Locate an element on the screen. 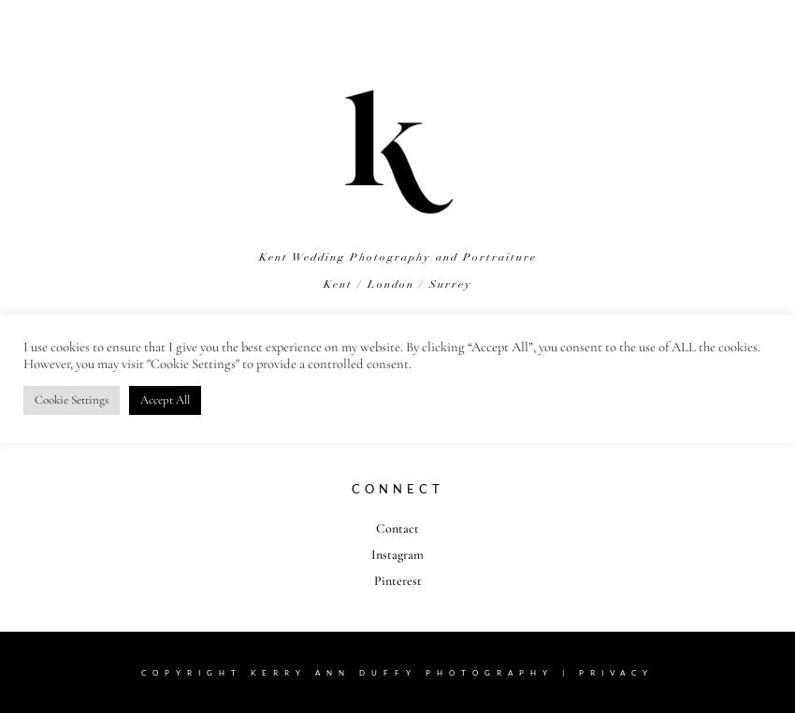 The height and width of the screenshot is (713, 795). 'Kent Wedding Photography and Portraiture' is located at coordinates (397, 257).